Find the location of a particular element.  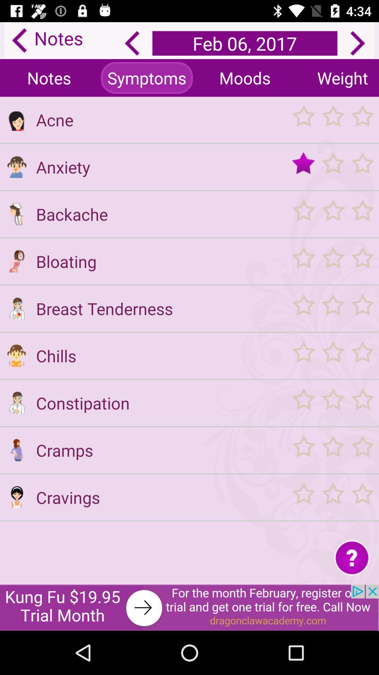

breast tenderness choice is located at coordinates (16, 308).